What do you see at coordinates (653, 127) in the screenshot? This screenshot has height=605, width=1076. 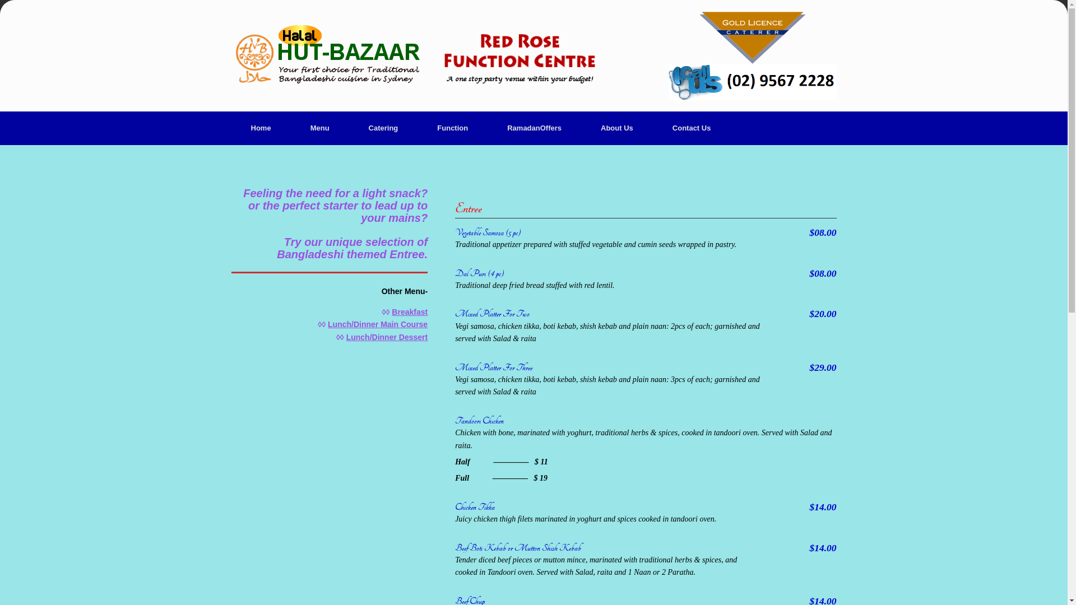 I see `'Contact Us'` at bounding box center [653, 127].